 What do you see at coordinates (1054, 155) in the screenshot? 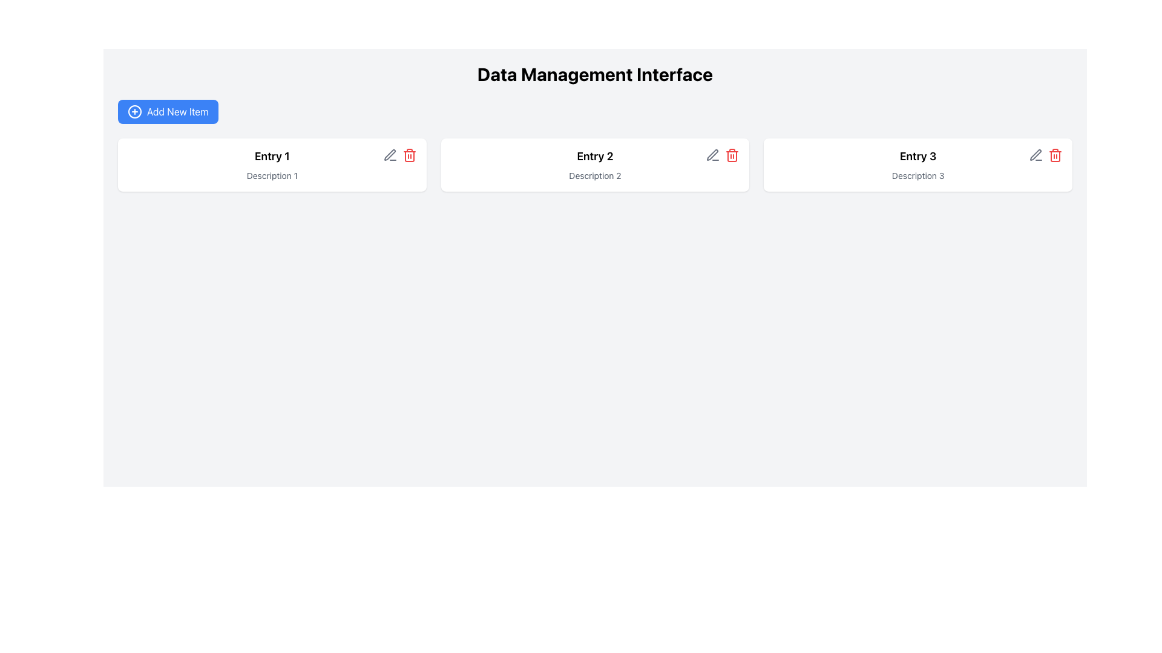
I see `the trash icon button located at the top right corner of 'Entry 3' card` at bounding box center [1054, 155].